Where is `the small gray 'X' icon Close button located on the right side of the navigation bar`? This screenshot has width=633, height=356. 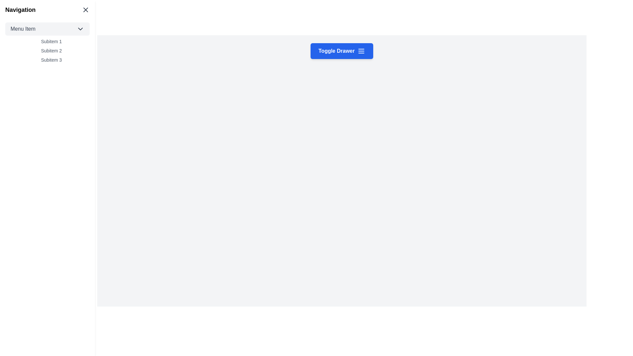 the small gray 'X' icon Close button located on the right side of the navigation bar is located at coordinates (85, 10).